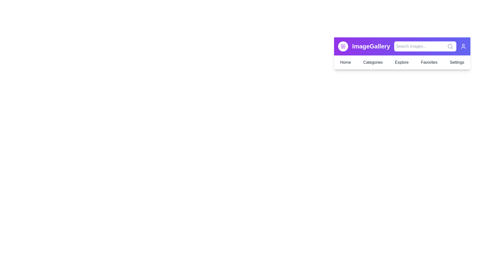 The height and width of the screenshot is (271, 483). Describe the element at coordinates (401, 62) in the screenshot. I see `the Explore menu item in the navigation bar` at that location.